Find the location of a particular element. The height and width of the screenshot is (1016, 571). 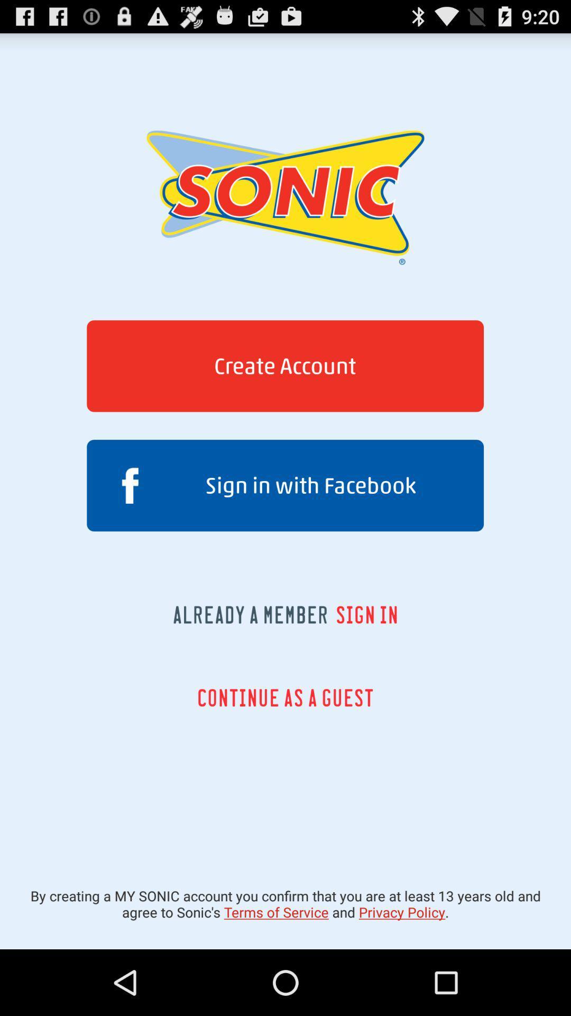

continue as a icon is located at coordinates (284, 697).